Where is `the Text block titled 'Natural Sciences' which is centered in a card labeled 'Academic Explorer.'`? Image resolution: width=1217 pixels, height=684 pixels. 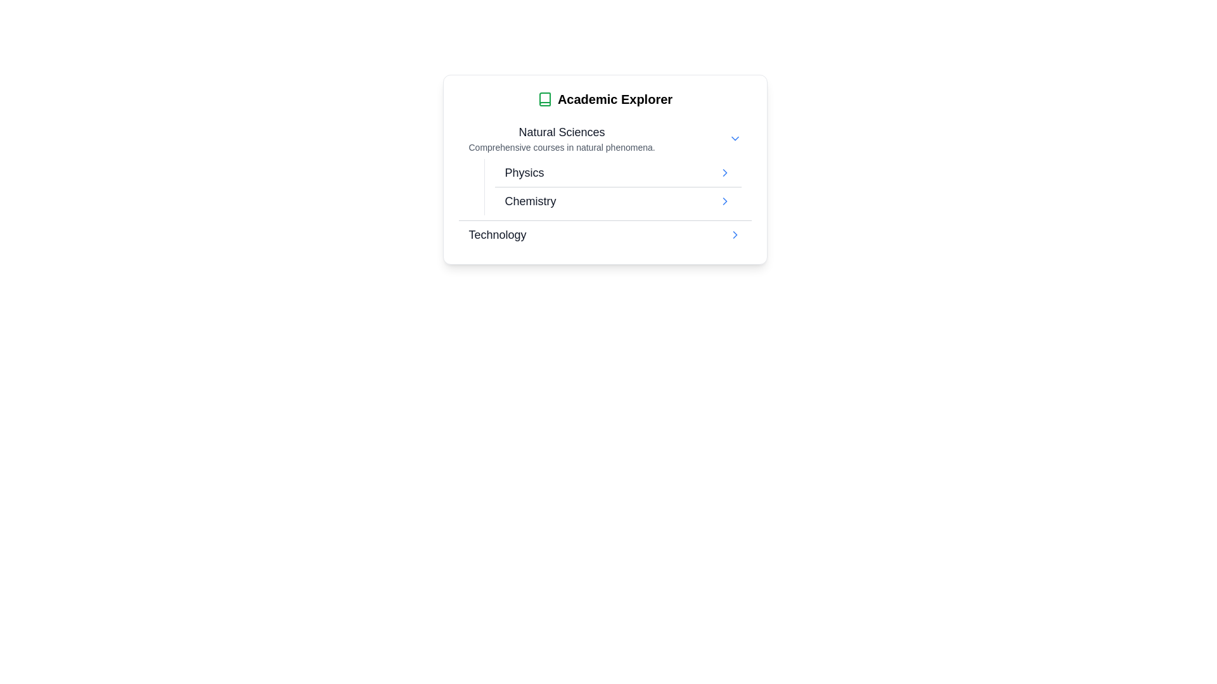
the Text block titled 'Natural Sciences' which is centered in a card labeled 'Academic Explorer.' is located at coordinates (561, 139).